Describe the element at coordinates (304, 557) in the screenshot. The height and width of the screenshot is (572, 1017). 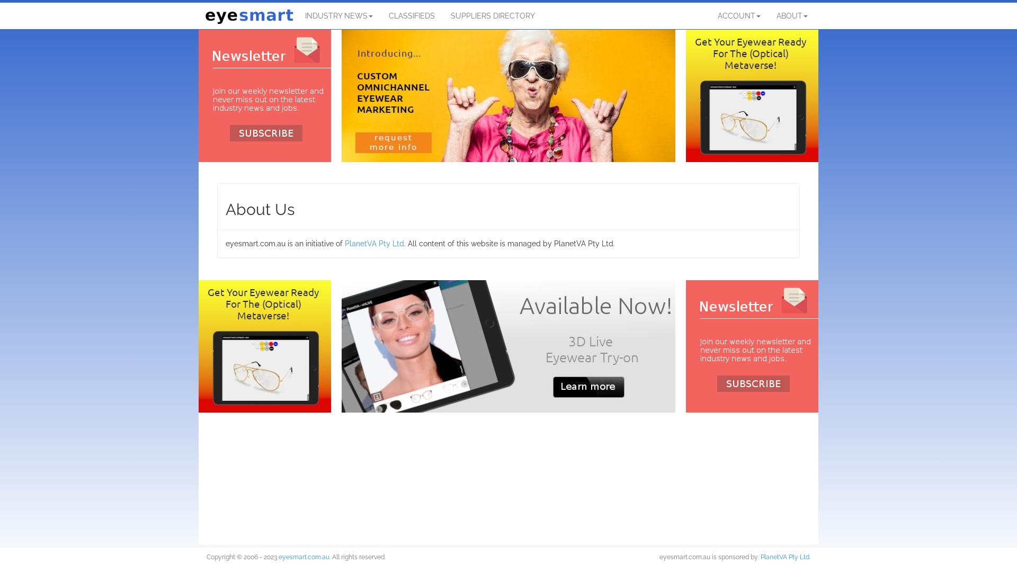
I see `'eyesmart.com.au'` at that location.